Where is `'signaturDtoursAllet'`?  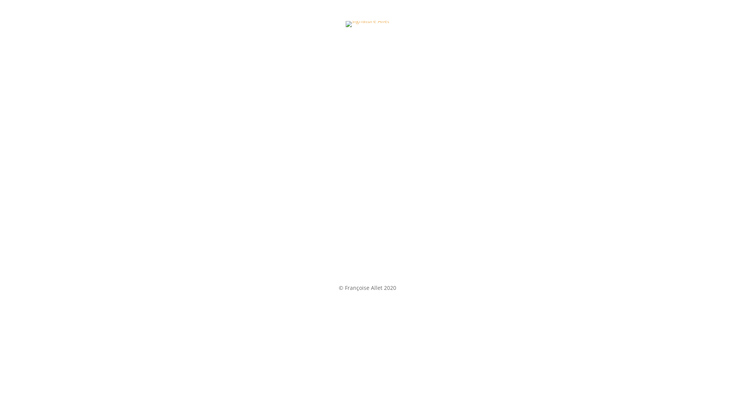 'signaturDtoursAllet' is located at coordinates (367, 23).